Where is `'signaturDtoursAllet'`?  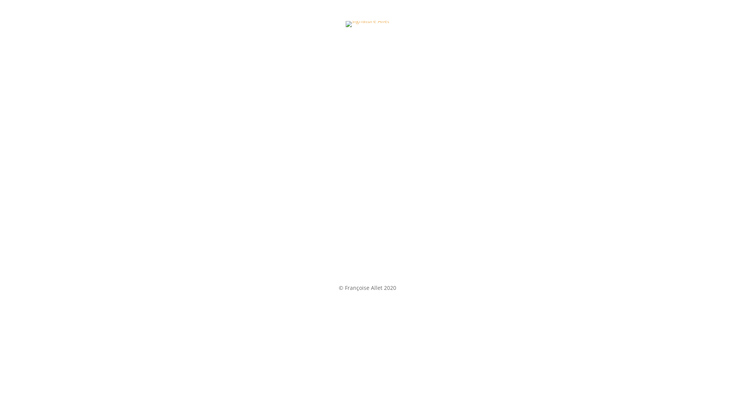 'signaturDtoursAllet' is located at coordinates (367, 23).